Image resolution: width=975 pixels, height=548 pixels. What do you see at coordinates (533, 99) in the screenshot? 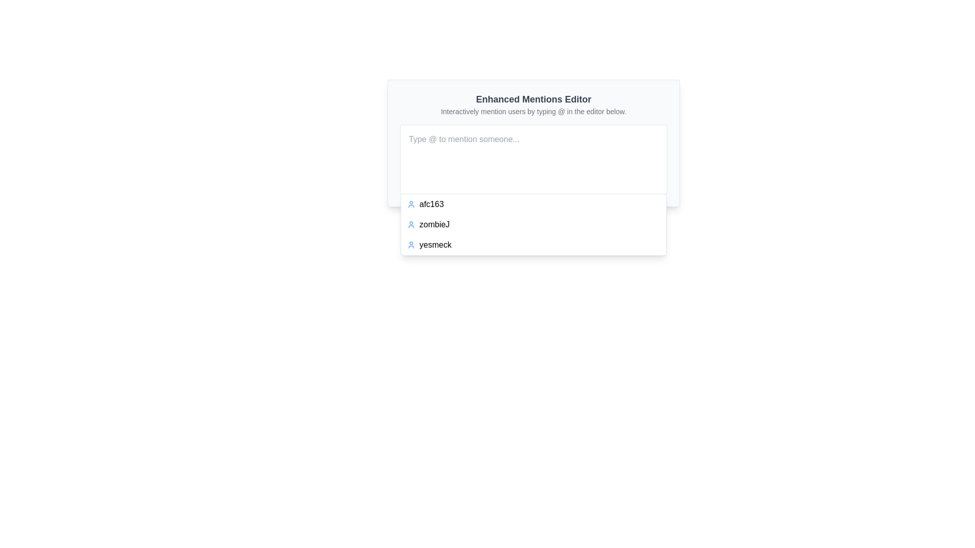
I see `the Text label that serves as a heading for the 'Enhanced Mentions Editor', positioned at the top-center of the interface` at bounding box center [533, 99].